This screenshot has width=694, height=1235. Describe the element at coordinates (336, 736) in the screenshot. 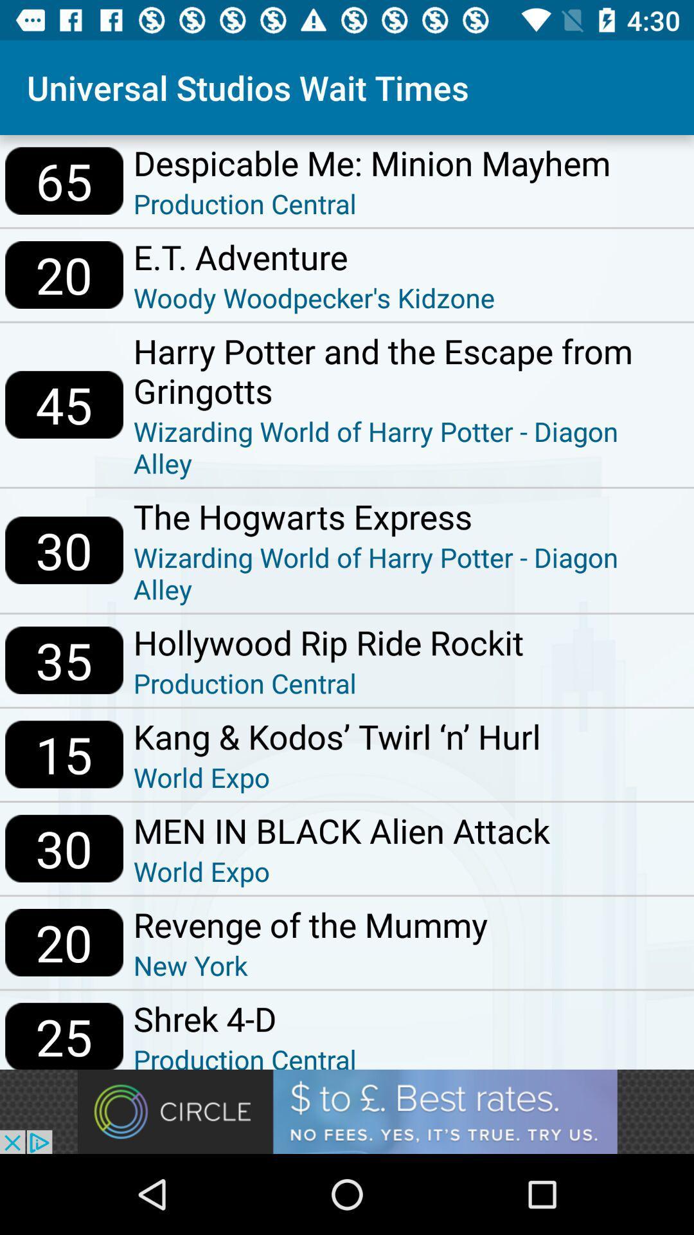

I see `the item to the right of 15 item` at that location.